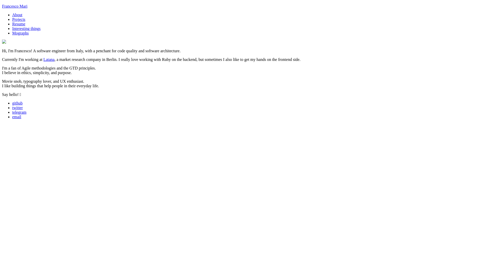 This screenshot has height=274, width=488. Describe the element at coordinates (12, 33) in the screenshot. I see `'Mographs'` at that location.